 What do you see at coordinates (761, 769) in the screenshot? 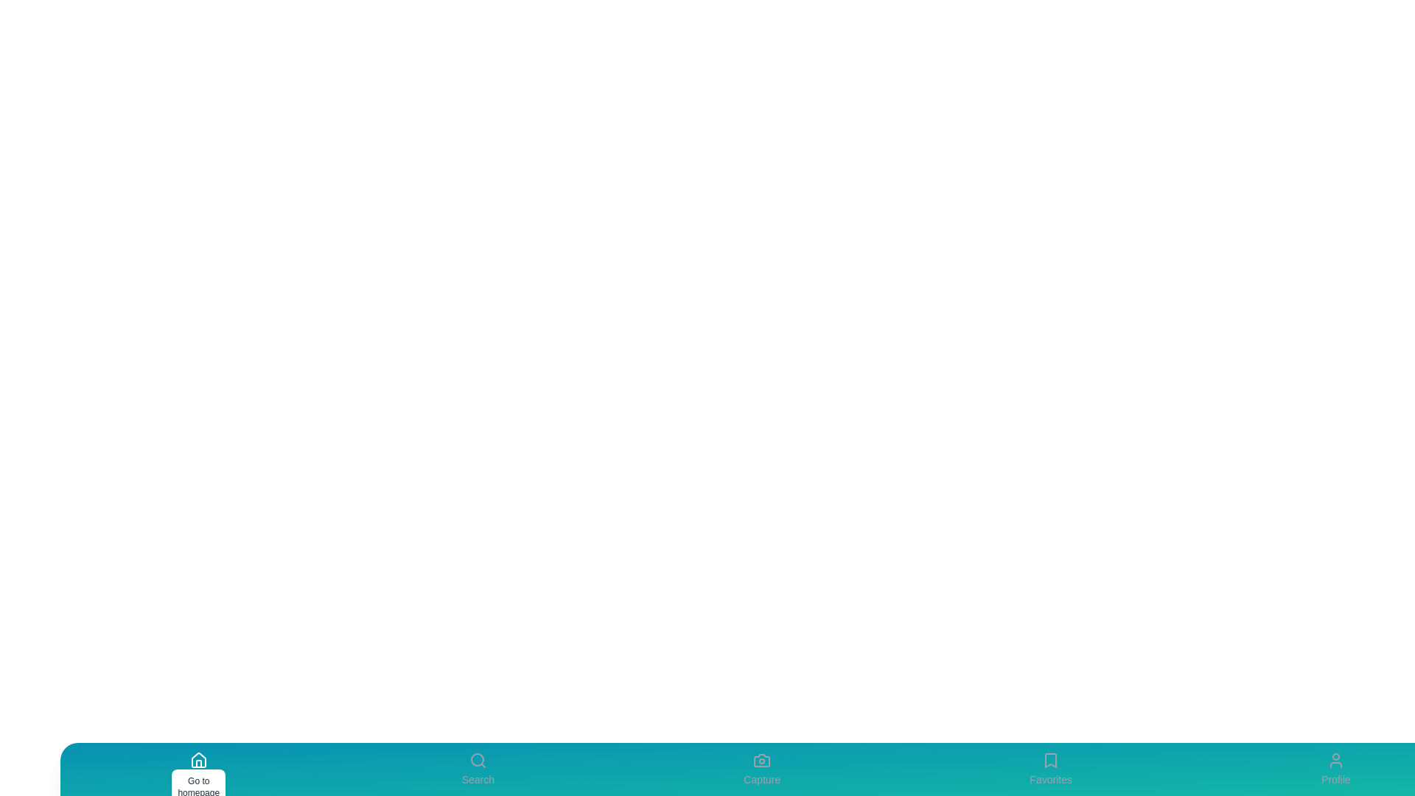
I see `the Capture tab to navigate to its section` at bounding box center [761, 769].